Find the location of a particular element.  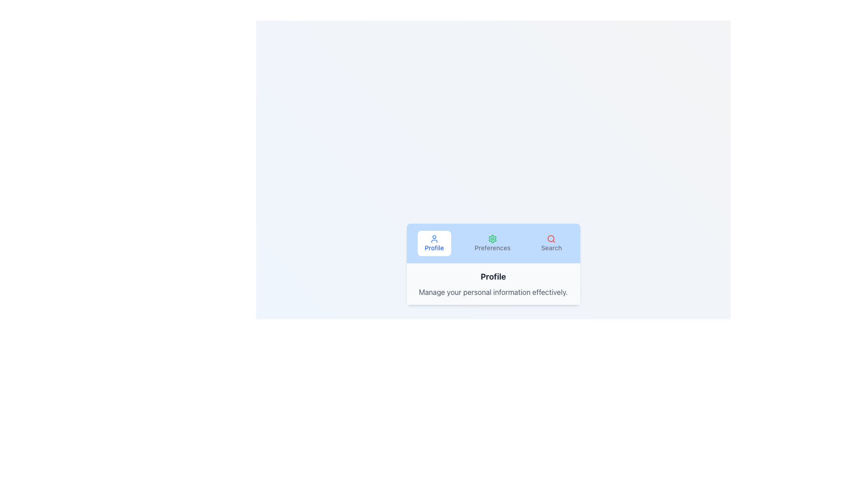

the 'Search' button, which features a red magnifying glass icon above the text 'Search' is located at coordinates (551, 243).